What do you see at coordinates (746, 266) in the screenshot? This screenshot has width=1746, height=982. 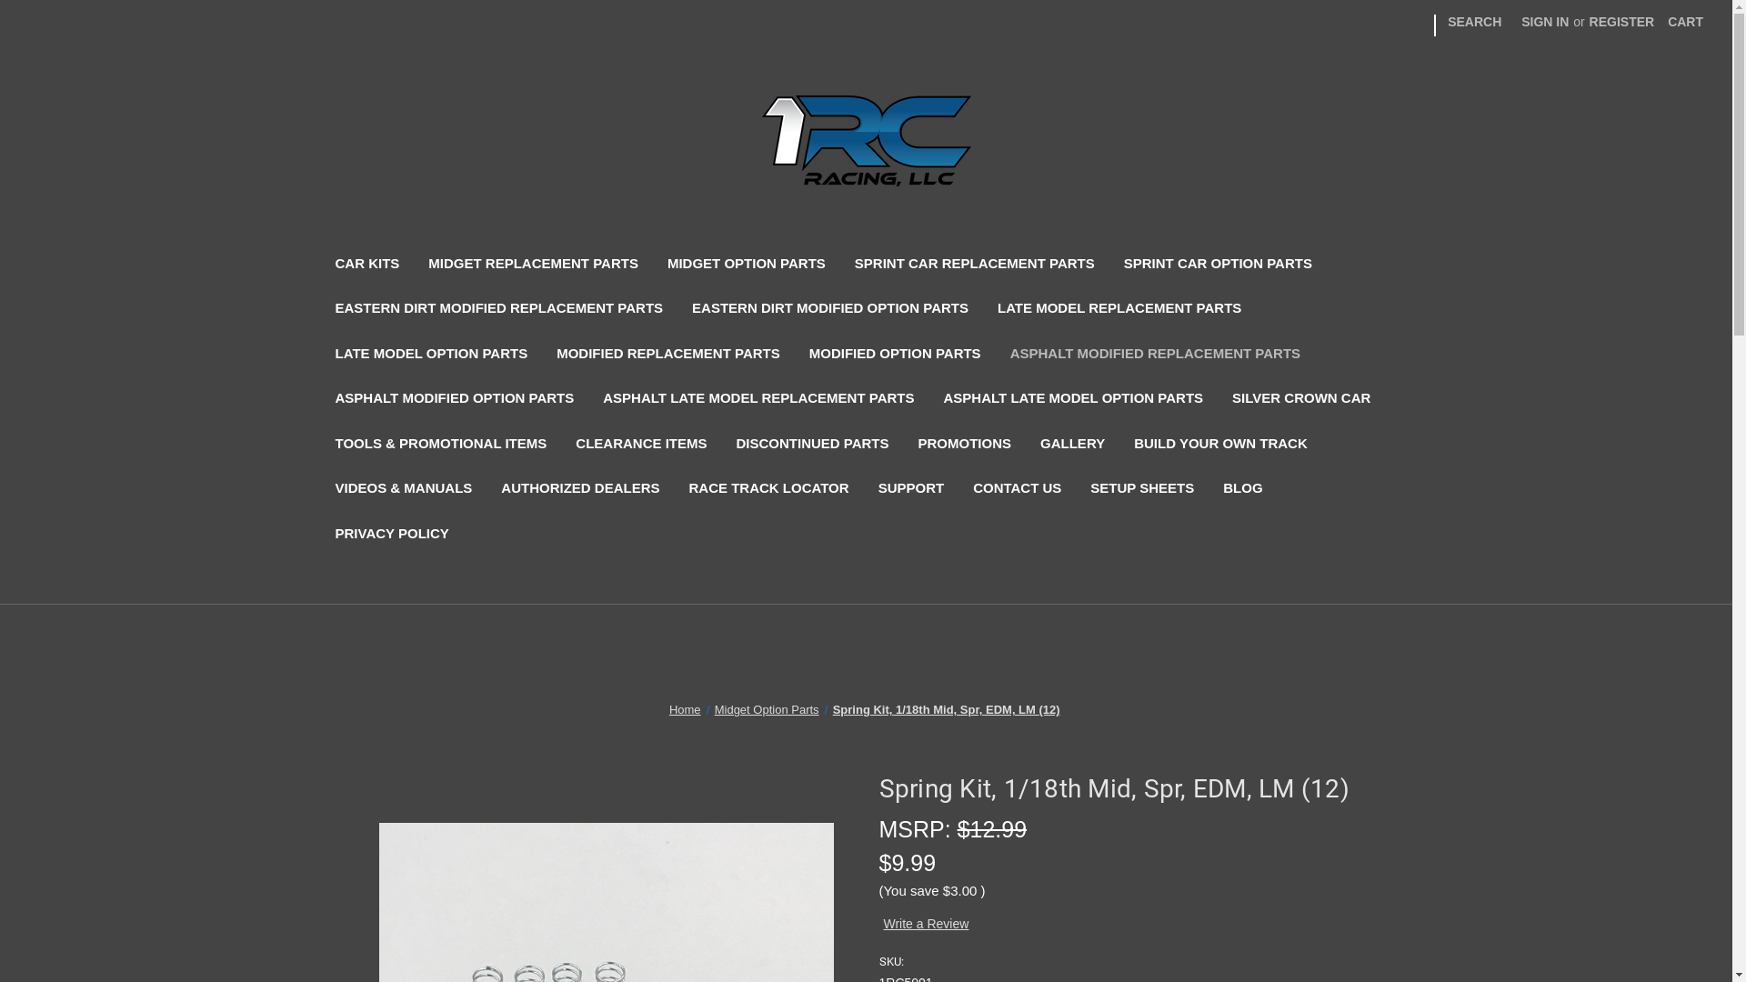 I see `'MIDGET OPTION PARTS'` at bounding box center [746, 266].